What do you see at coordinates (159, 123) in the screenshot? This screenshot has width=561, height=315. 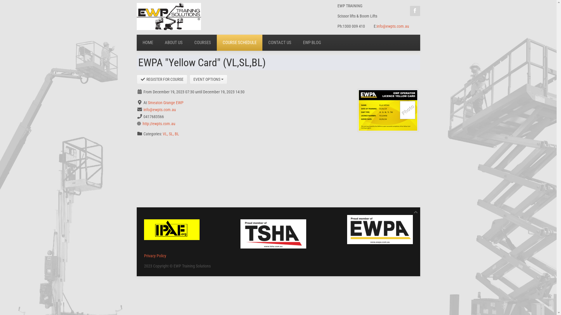 I see `'http://ewpts.com.au'` at bounding box center [159, 123].